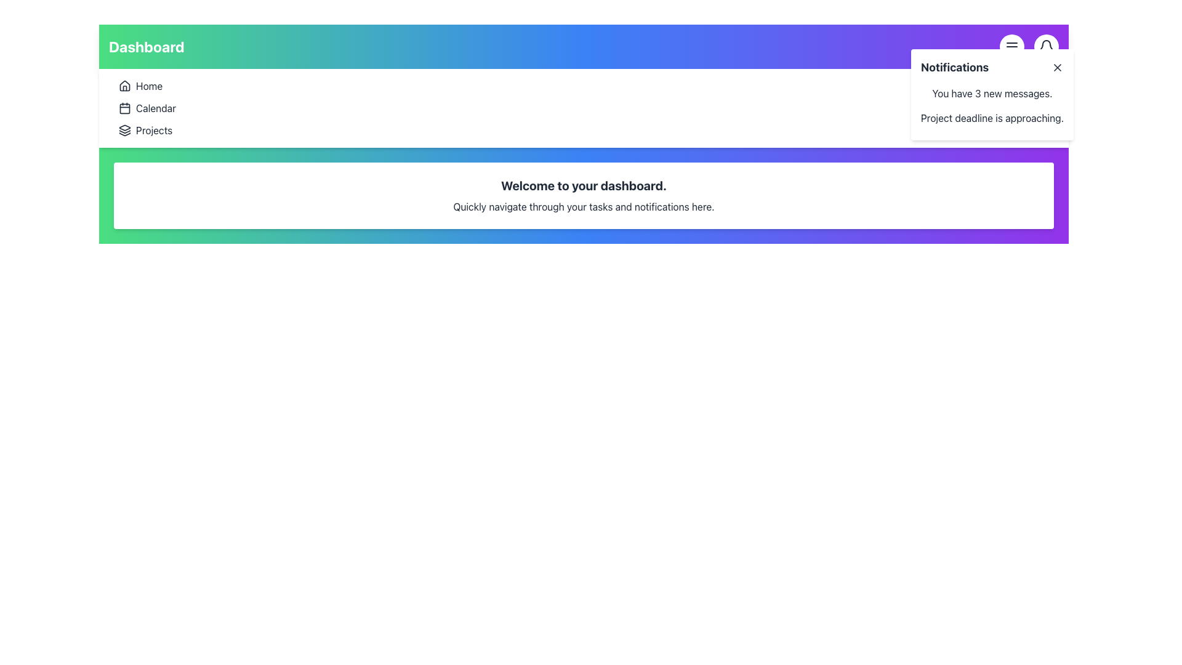 The width and height of the screenshot is (1182, 665). Describe the element at coordinates (124, 131) in the screenshot. I see `the Icon element resembling a stack of layers, which is located to the left of the 'Projects' text in the navigation menu` at that location.